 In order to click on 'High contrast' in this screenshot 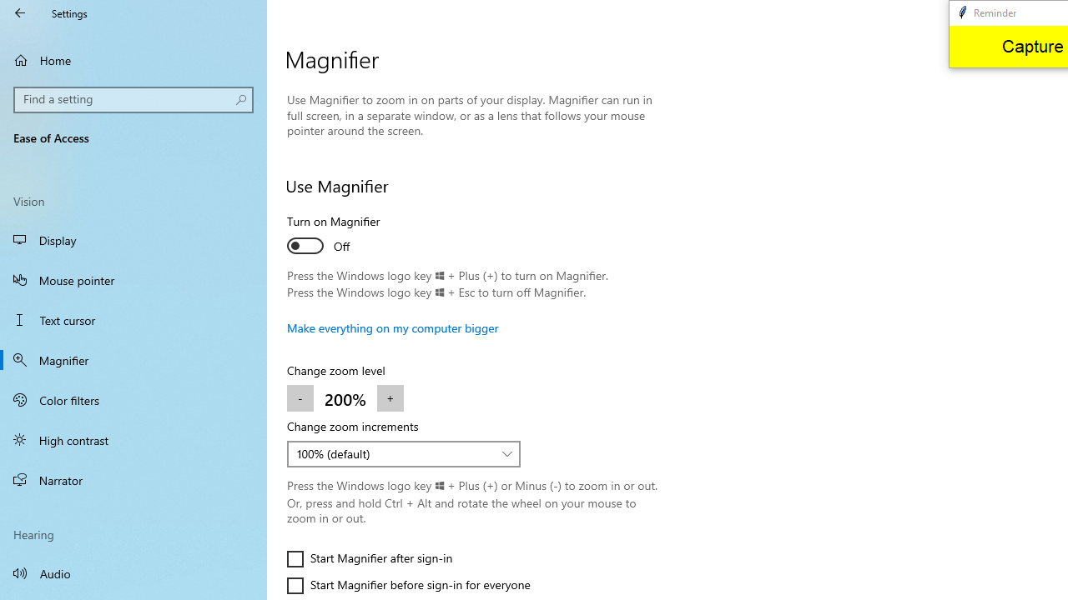, I will do `click(133, 439)`.